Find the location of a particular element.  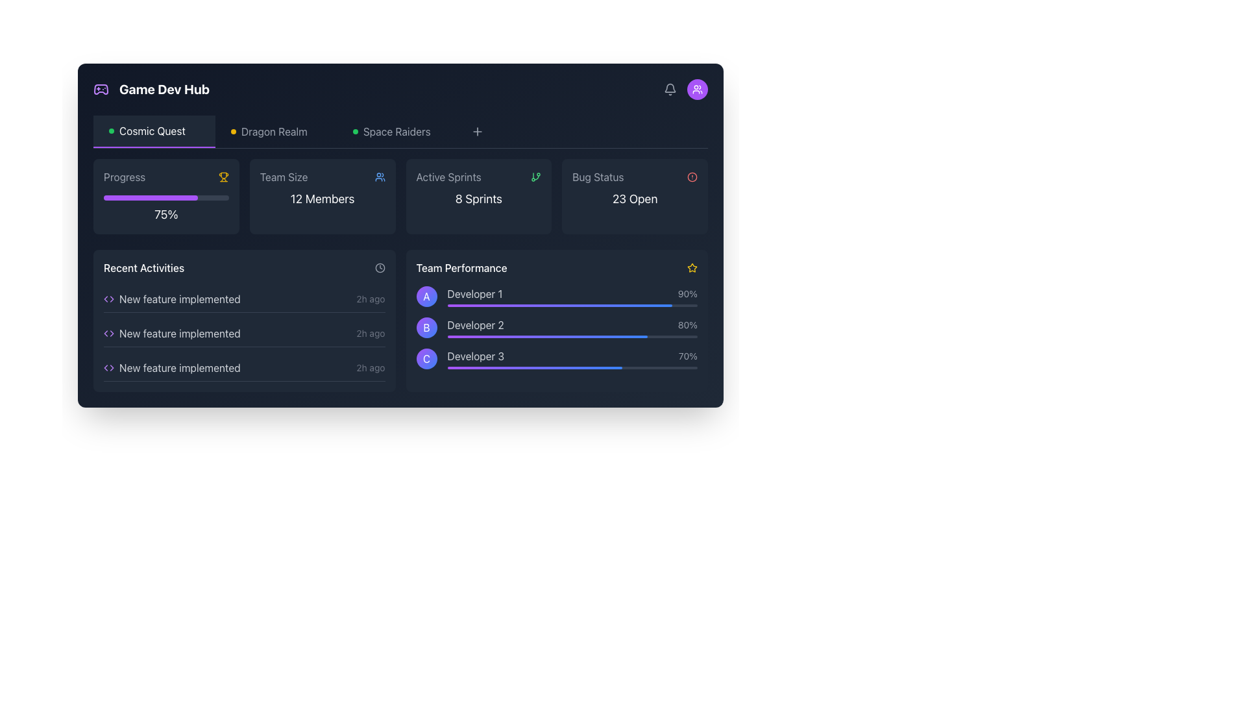

the 'Team Performance' text label, which displays white text in a medium font weight against a dark background, located in the upper section of a rectangular card component is located at coordinates (461, 267).